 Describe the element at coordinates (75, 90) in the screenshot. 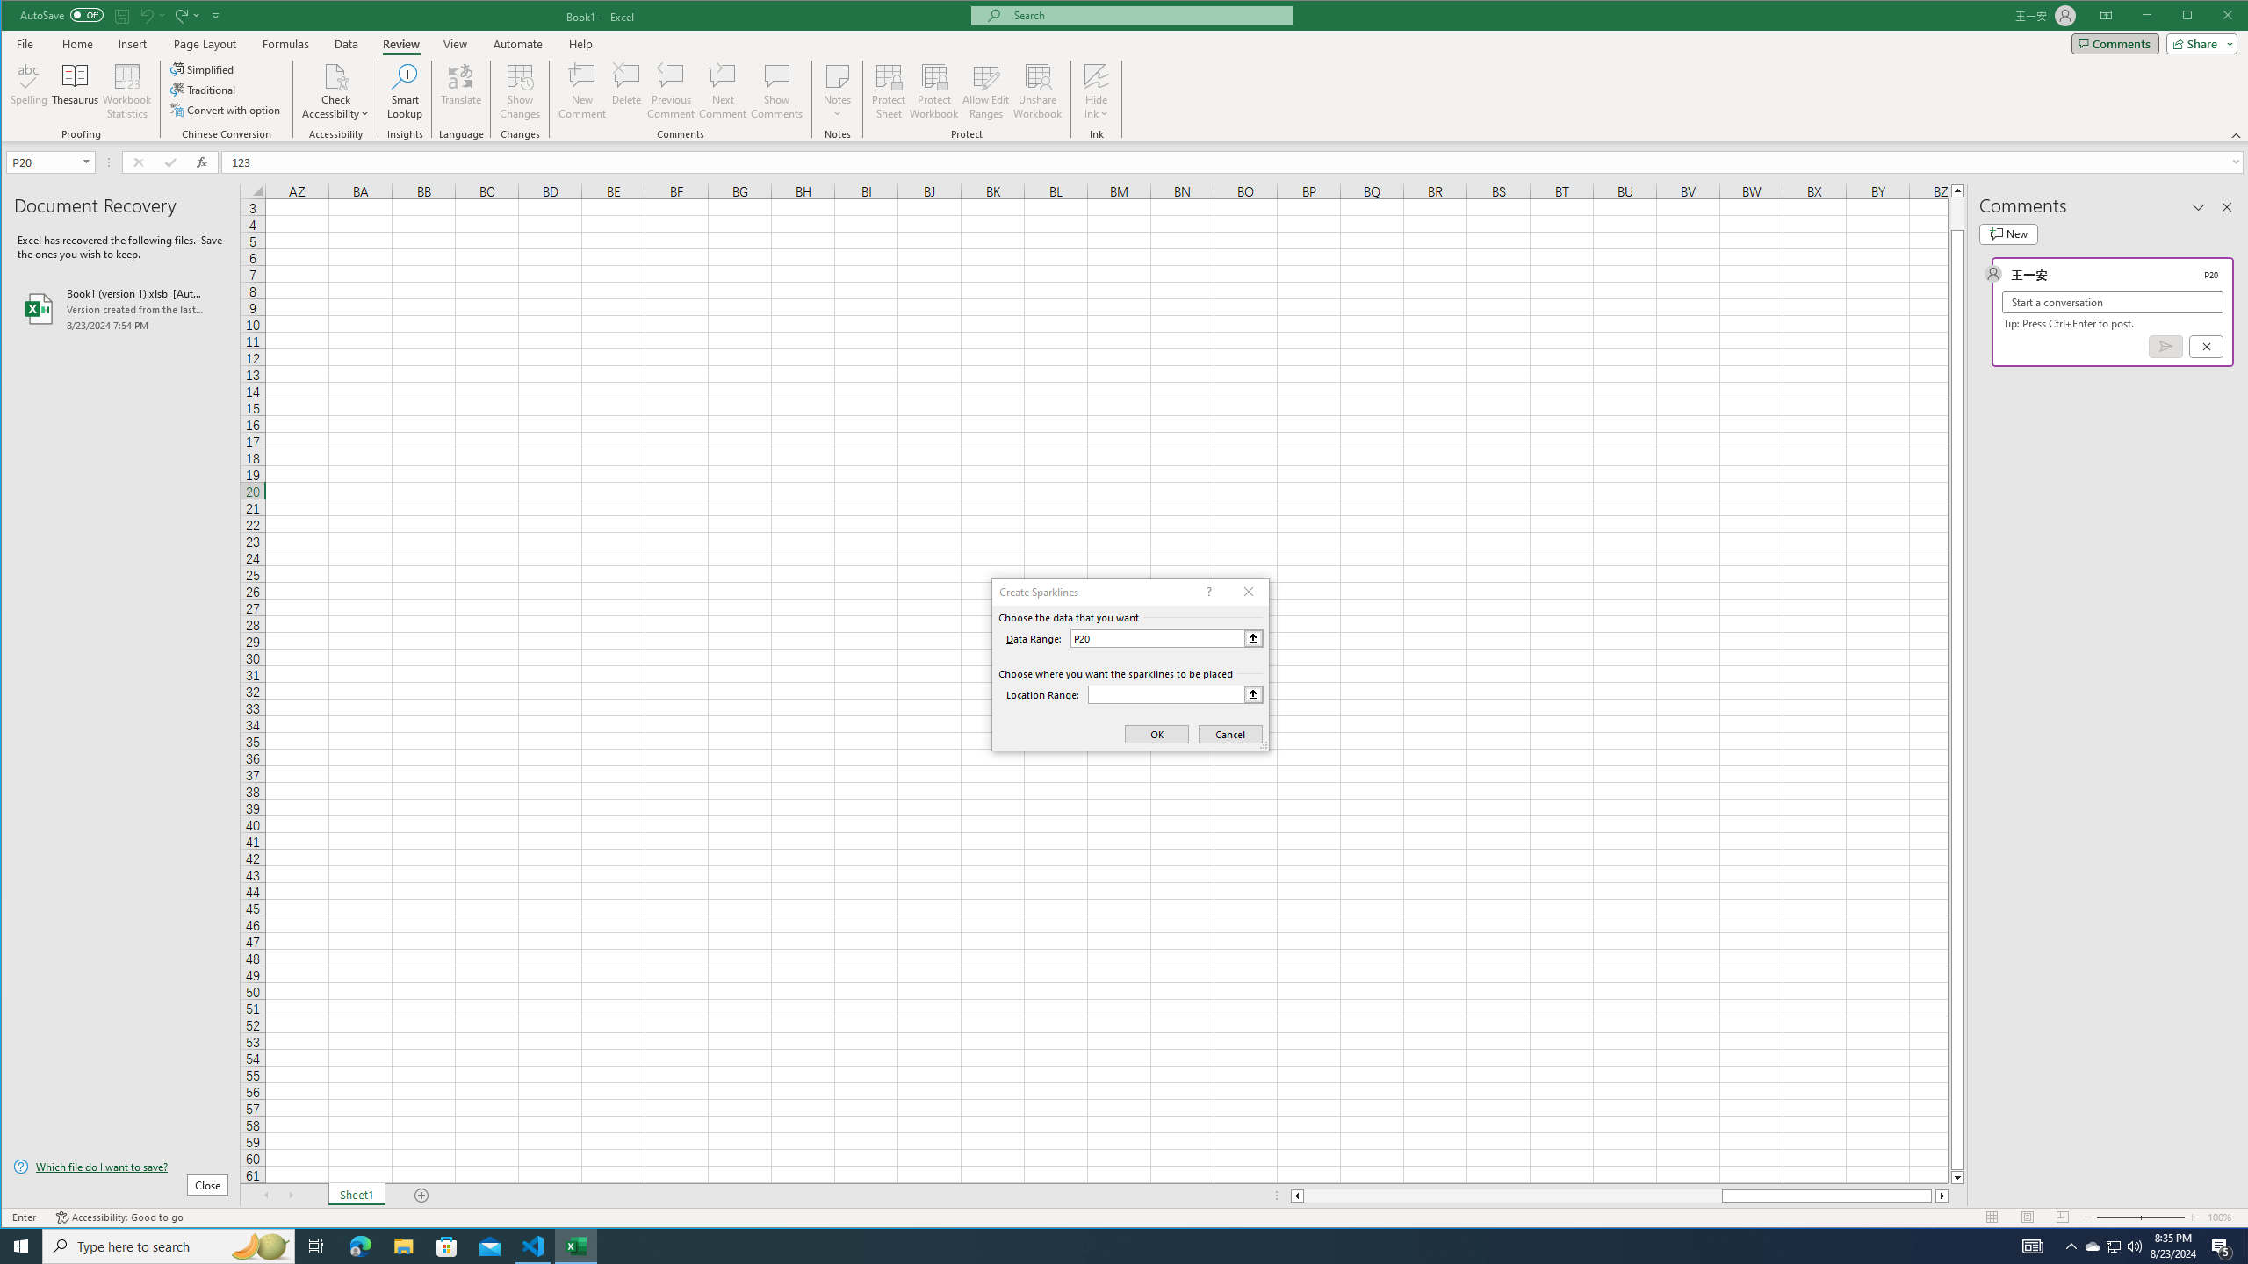

I see `'Thesaurus...'` at that location.